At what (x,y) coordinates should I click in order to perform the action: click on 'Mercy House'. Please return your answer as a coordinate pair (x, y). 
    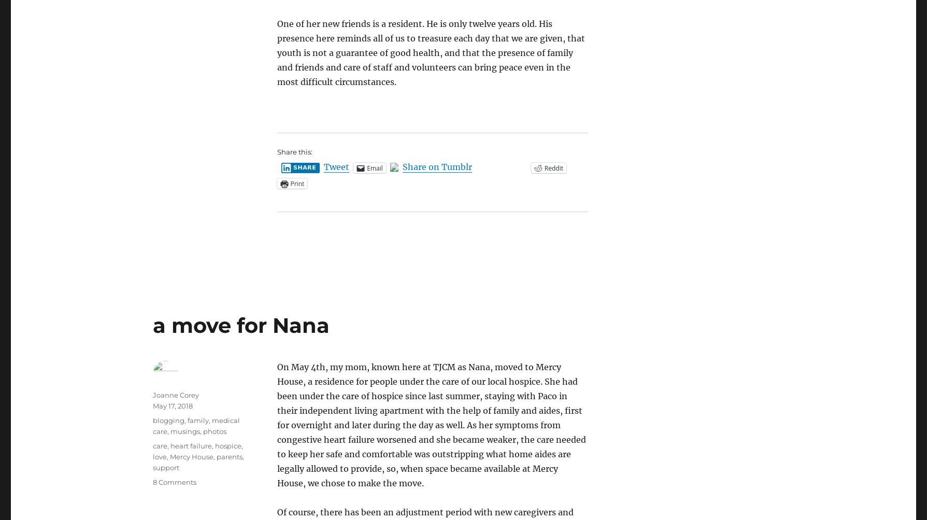
    Looking at the image, I should click on (191, 457).